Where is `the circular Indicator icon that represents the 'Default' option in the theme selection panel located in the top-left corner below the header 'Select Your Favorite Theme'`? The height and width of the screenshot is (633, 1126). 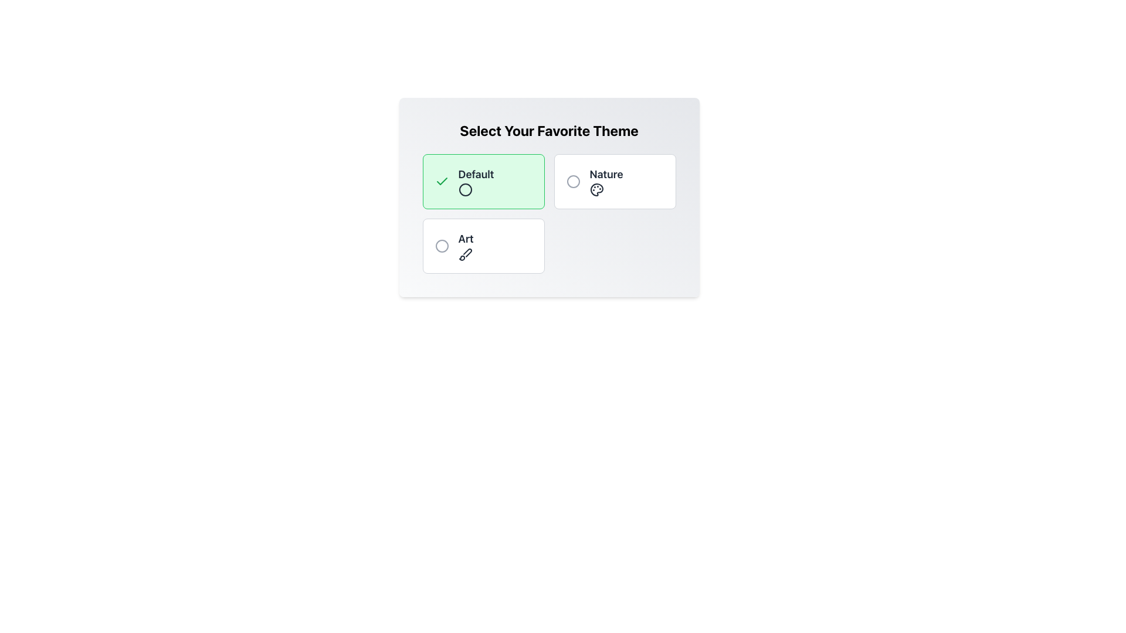 the circular Indicator icon that represents the 'Default' option in the theme selection panel located in the top-left corner below the header 'Select Your Favorite Theme' is located at coordinates (464, 189).